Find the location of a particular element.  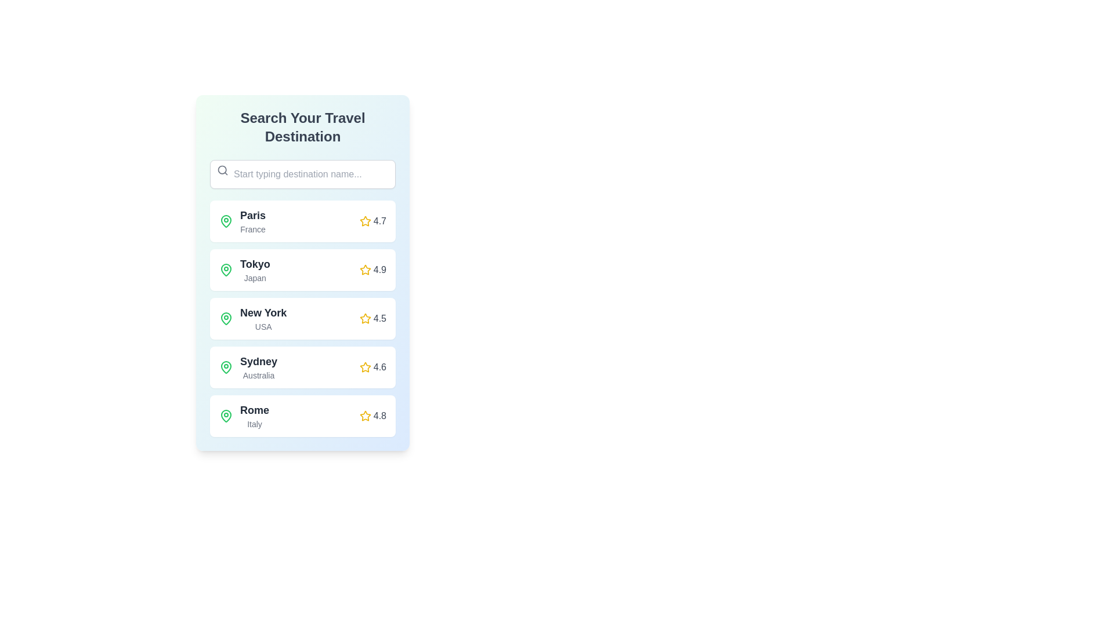

the first search result item displaying 'Paris, France', which is located below the search bar and includes a green location pin on the left and a yellow star icon on the right is located at coordinates (241, 221).